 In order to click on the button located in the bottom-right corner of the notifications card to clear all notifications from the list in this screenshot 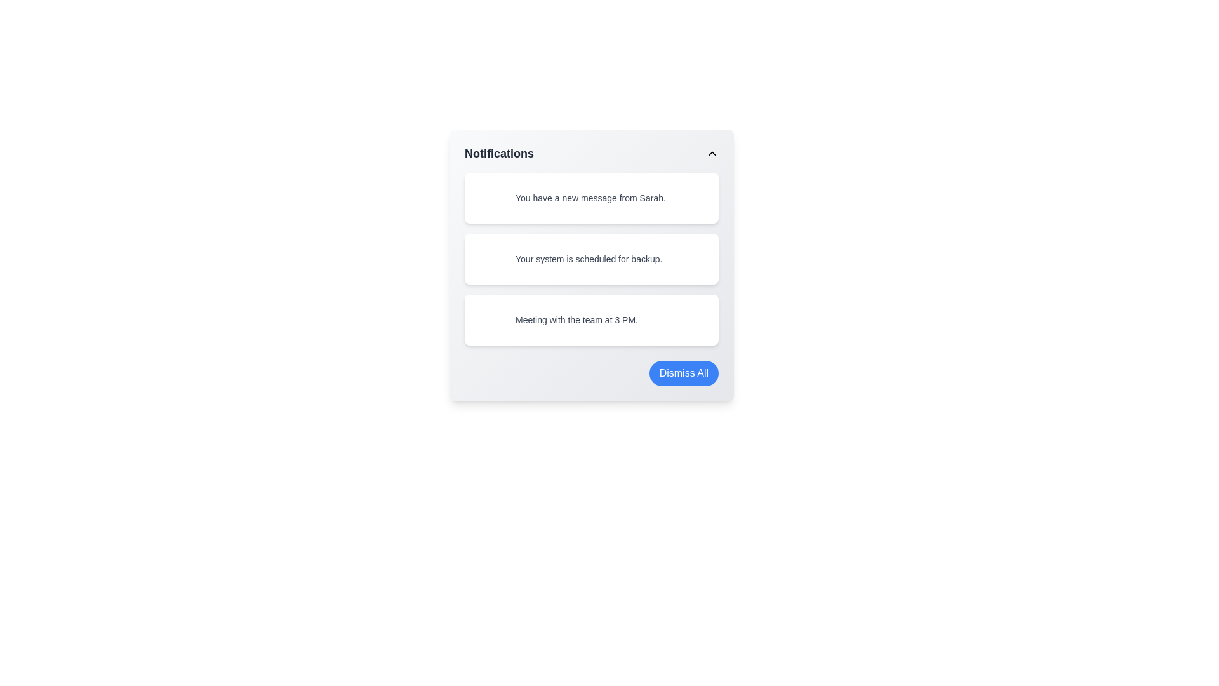, I will do `click(683, 372)`.